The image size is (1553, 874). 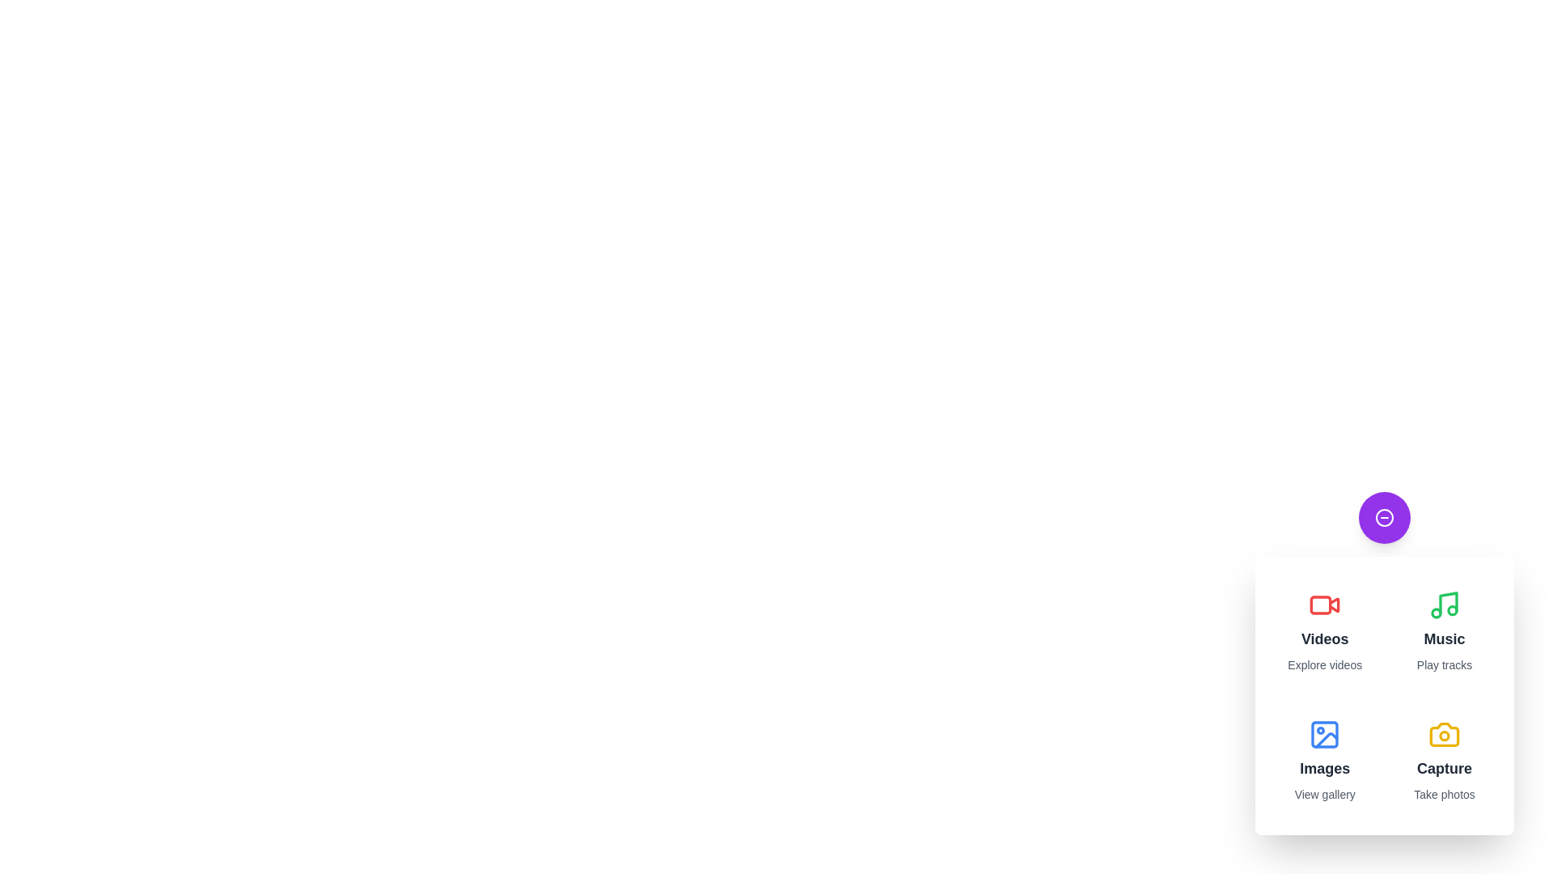 What do you see at coordinates (1444, 761) in the screenshot?
I see `the 'Capture' button to select the option for taking photos` at bounding box center [1444, 761].